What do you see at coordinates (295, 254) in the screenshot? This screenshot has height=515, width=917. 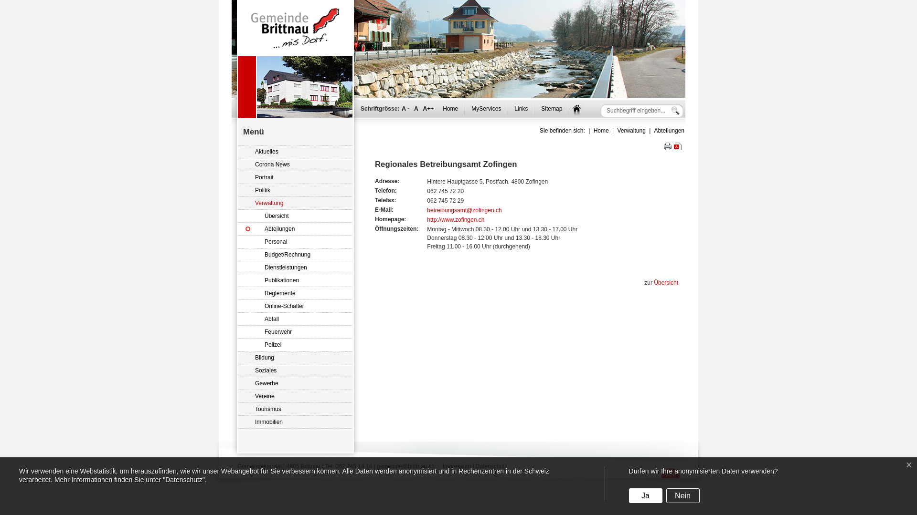 I see `'Budget/Rechnung'` at bounding box center [295, 254].